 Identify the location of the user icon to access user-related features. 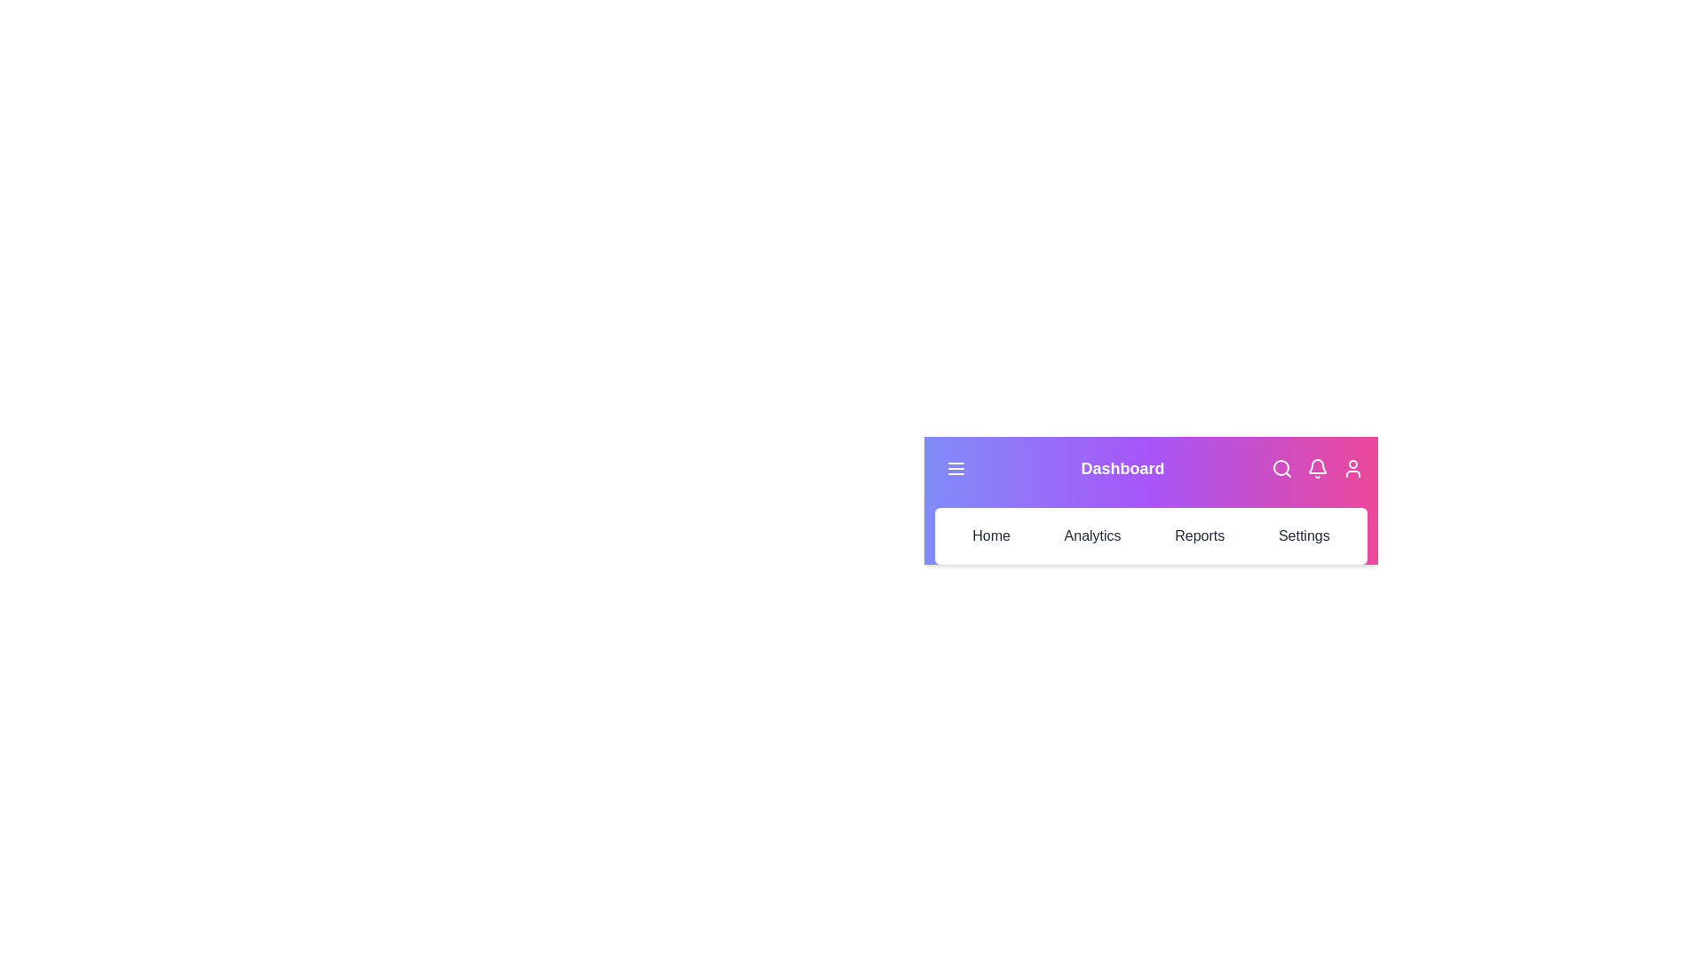
(1352, 468).